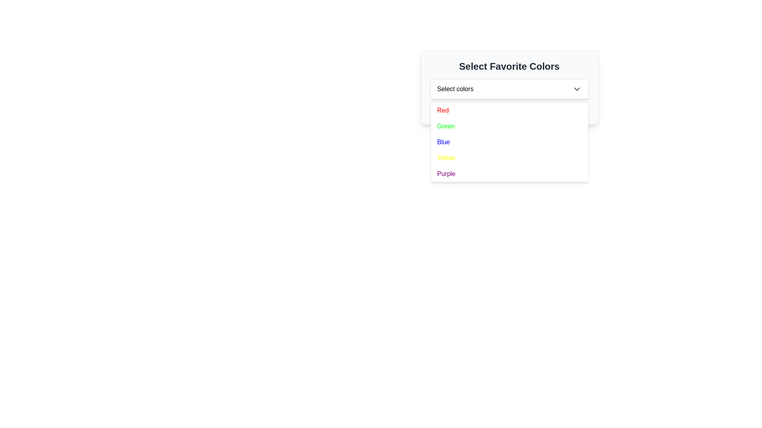  What do you see at coordinates (577, 89) in the screenshot?
I see `the chevron icon located at the far-right end of the 'Select colors' input box` at bounding box center [577, 89].